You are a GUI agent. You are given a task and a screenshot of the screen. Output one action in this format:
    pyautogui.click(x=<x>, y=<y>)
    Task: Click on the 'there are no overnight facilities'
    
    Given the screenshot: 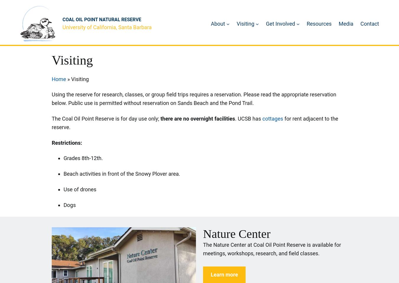 What is the action you would take?
    pyautogui.click(x=160, y=118)
    